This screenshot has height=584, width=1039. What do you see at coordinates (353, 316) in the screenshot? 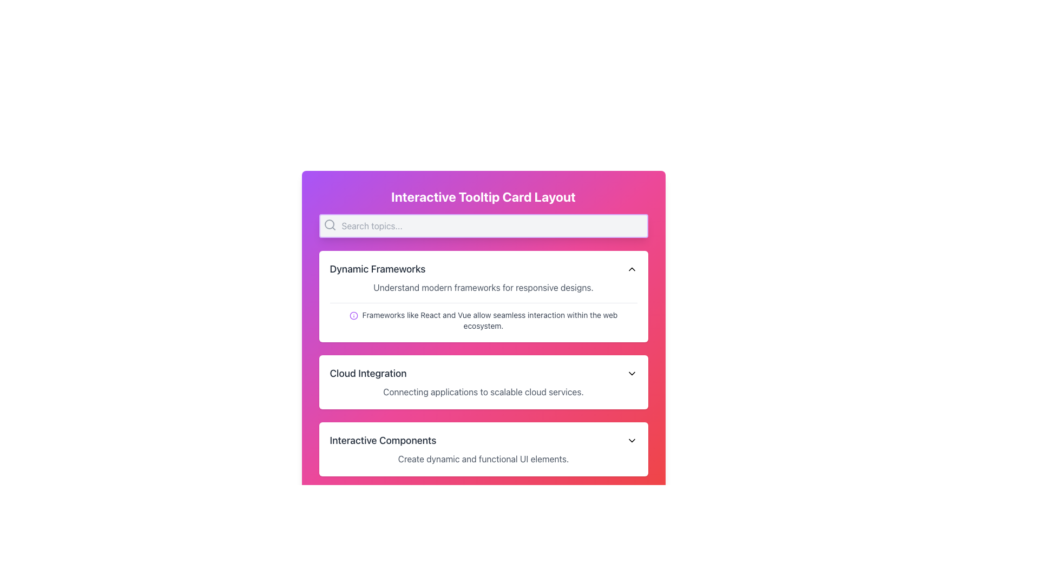
I see `the inner structure of the icon that is centrally placed within the icon graphic, located to the left of the 'Dynamic Frameworks' header` at bounding box center [353, 316].